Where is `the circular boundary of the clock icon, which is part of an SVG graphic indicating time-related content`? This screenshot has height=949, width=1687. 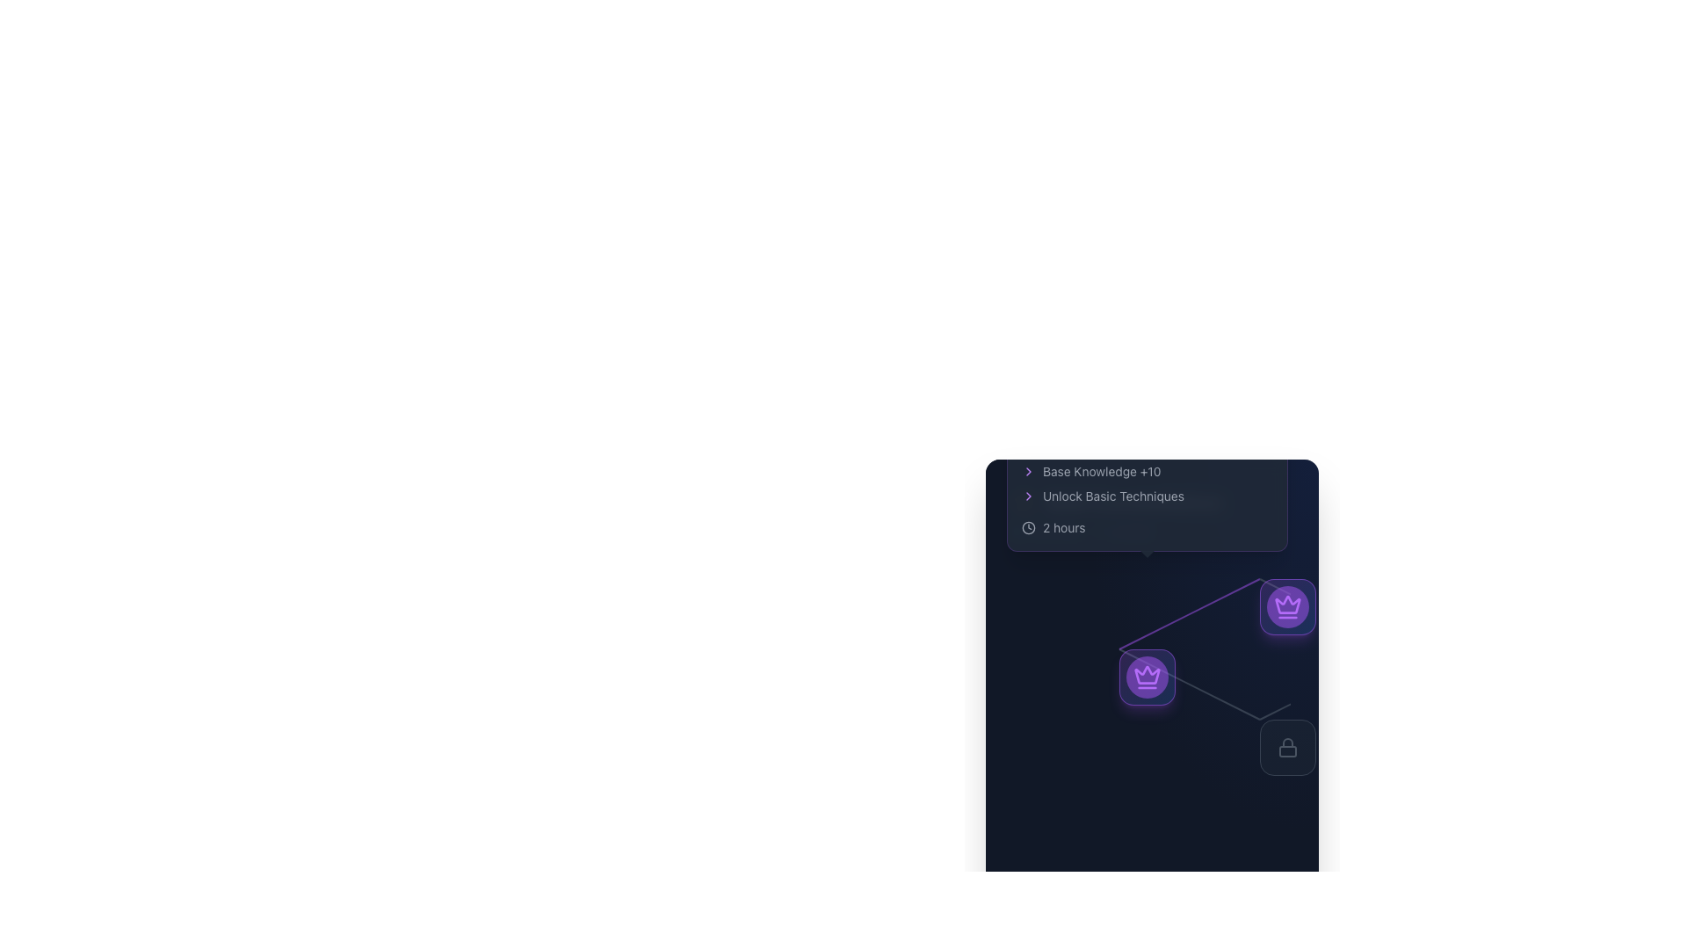 the circular boundary of the clock icon, which is part of an SVG graphic indicating time-related content is located at coordinates (1029, 527).